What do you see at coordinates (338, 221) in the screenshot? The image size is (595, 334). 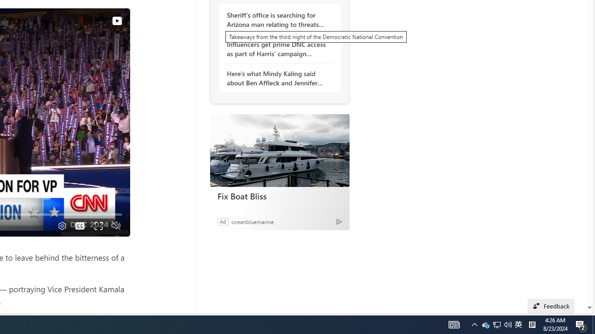 I see `'Ad Choice'` at bounding box center [338, 221].